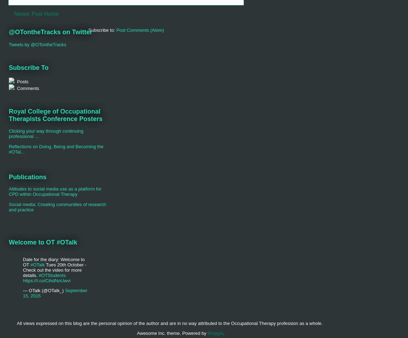 Image resolution: width=408 pixels, height=338 pixels. Describe the element at coordinates (37, 264) in the screenshot. I see `'#OTalk'` at that location.